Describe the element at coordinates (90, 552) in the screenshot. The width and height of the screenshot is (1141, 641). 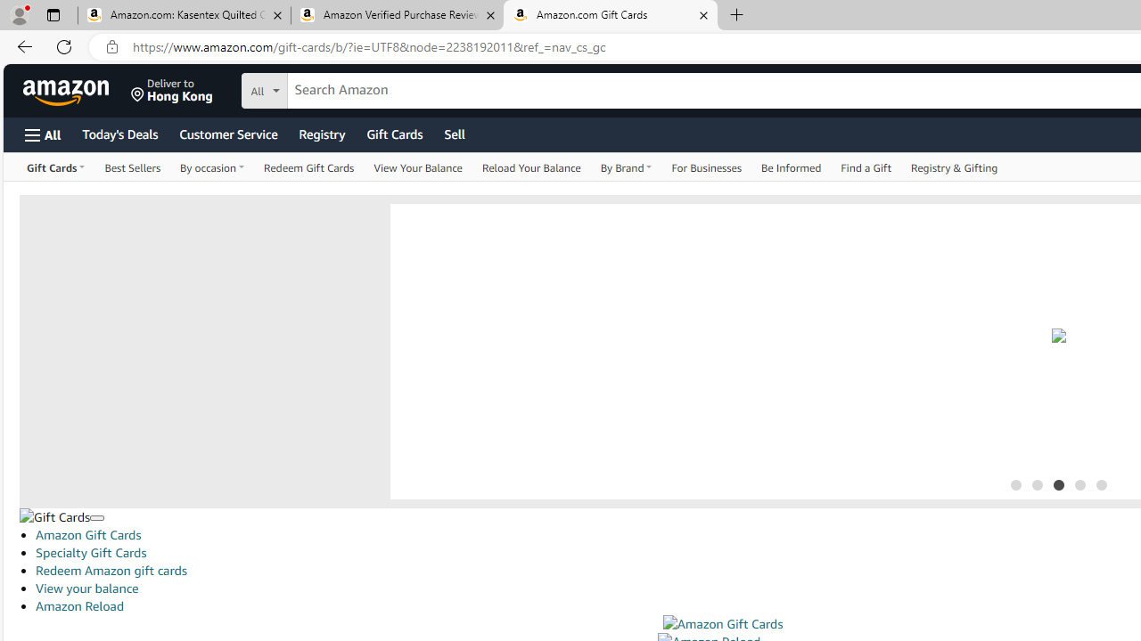
I see `'Specialty Gift Cards'` at that location.